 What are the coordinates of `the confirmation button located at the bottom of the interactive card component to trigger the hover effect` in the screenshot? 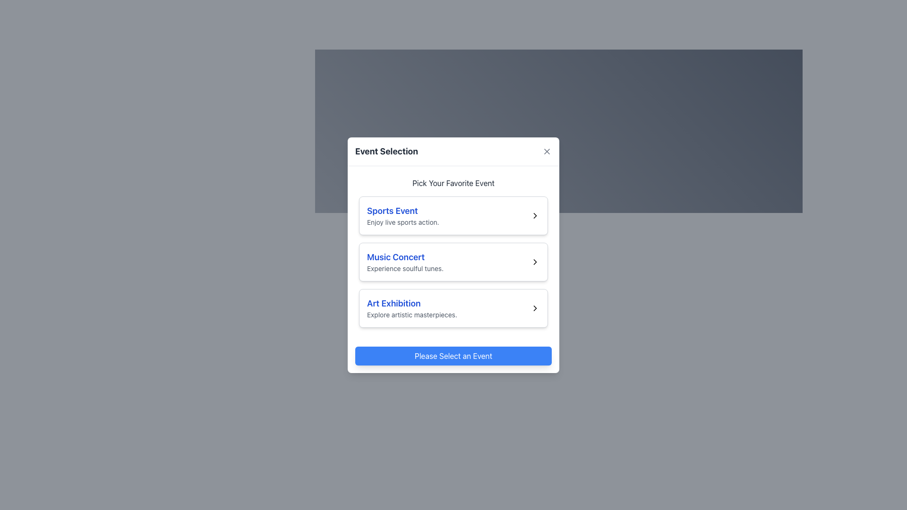 It's located at (453, 356).